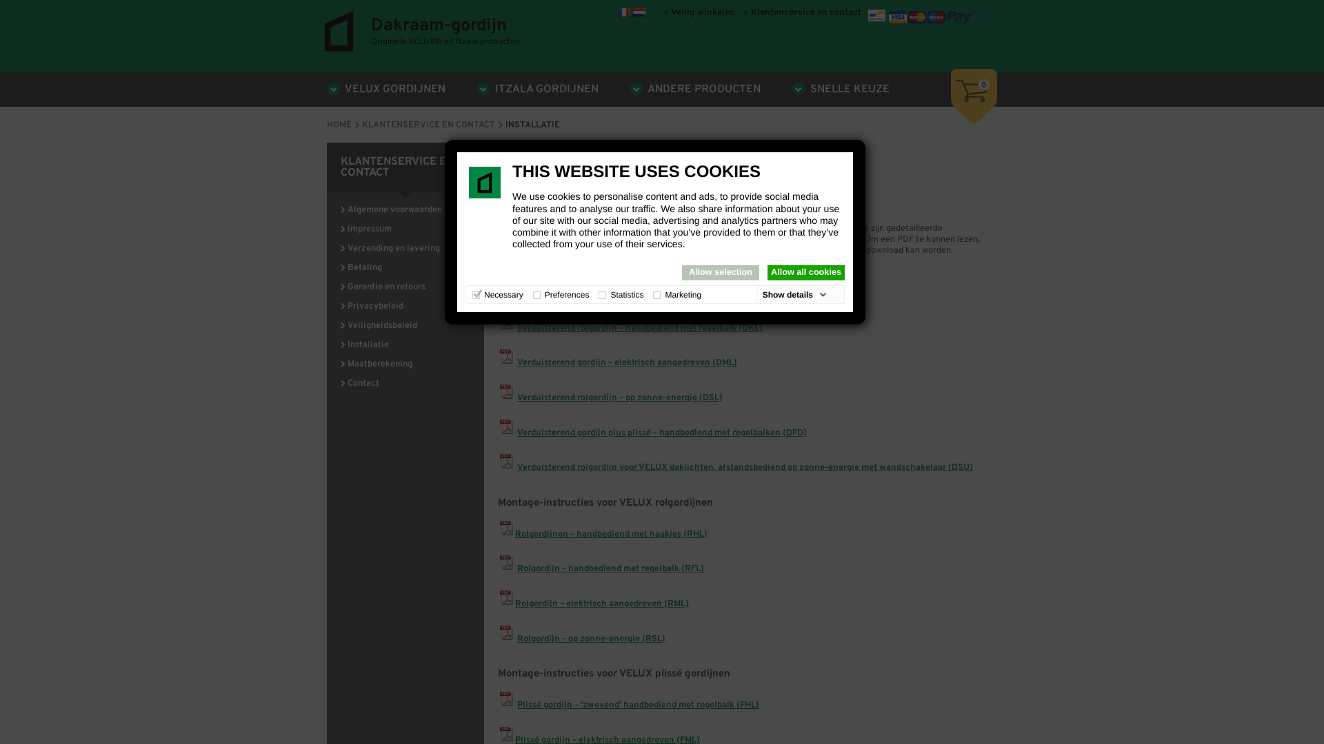 This screenshot has width=1324, height=744. I want to click on 'Show details', so click(794, 294).